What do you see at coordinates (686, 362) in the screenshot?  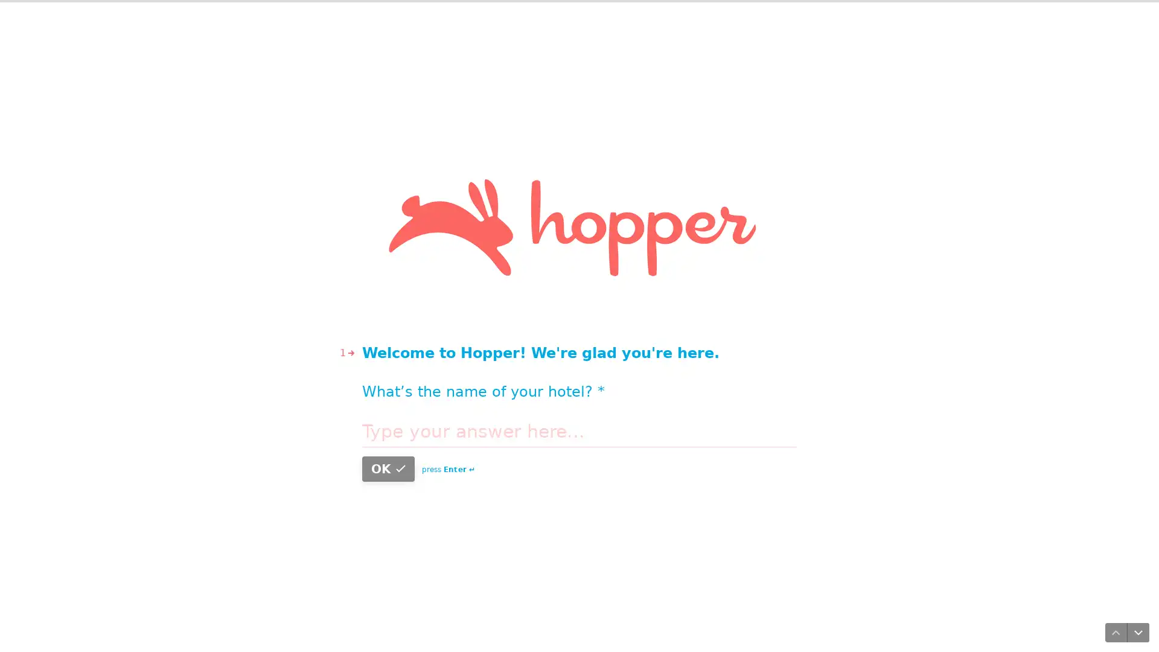 I see `OK` at bounding box center [686, 362].